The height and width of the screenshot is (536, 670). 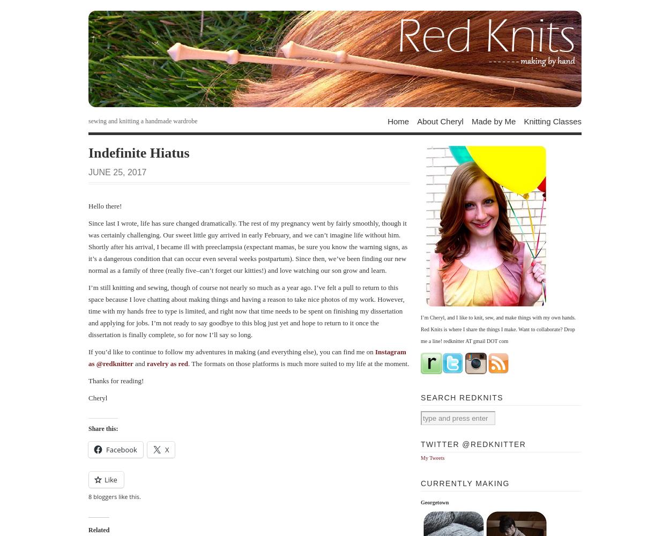 I want to click on 'Instagram as @redknitter', so click(x=247, y=357).